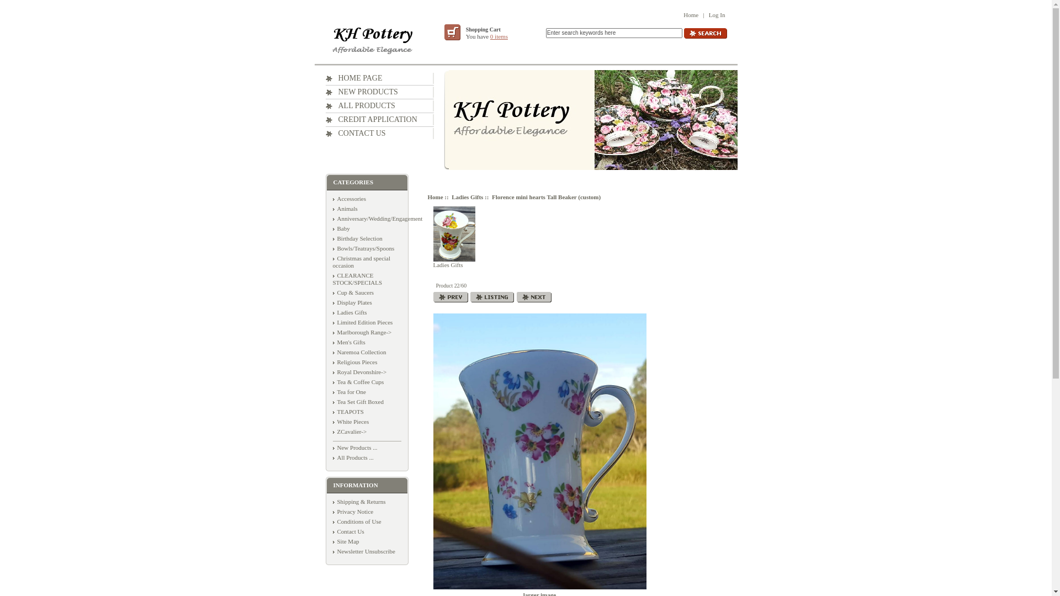  Describe the element at coordinates (362, 331) in the screenshot. I see `'Marlborough Range->'` at that location.